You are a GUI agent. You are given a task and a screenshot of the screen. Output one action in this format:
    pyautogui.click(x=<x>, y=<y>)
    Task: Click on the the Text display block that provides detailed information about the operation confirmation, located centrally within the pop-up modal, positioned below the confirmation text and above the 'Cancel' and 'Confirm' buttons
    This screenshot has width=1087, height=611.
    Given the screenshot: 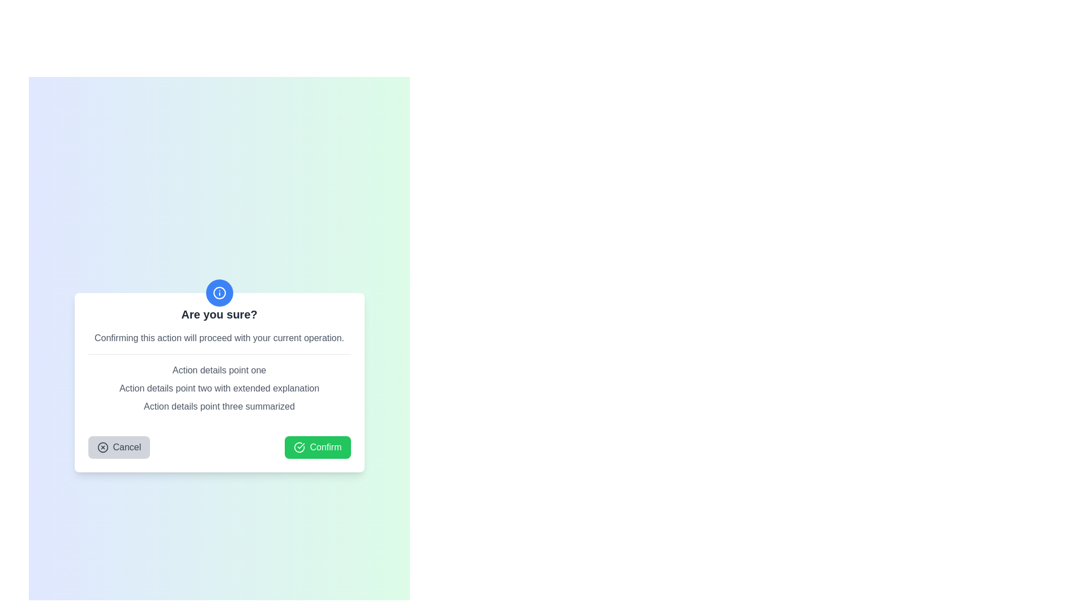 What is the action you would take?
    pyautogui.click(x=219, y=388)
    